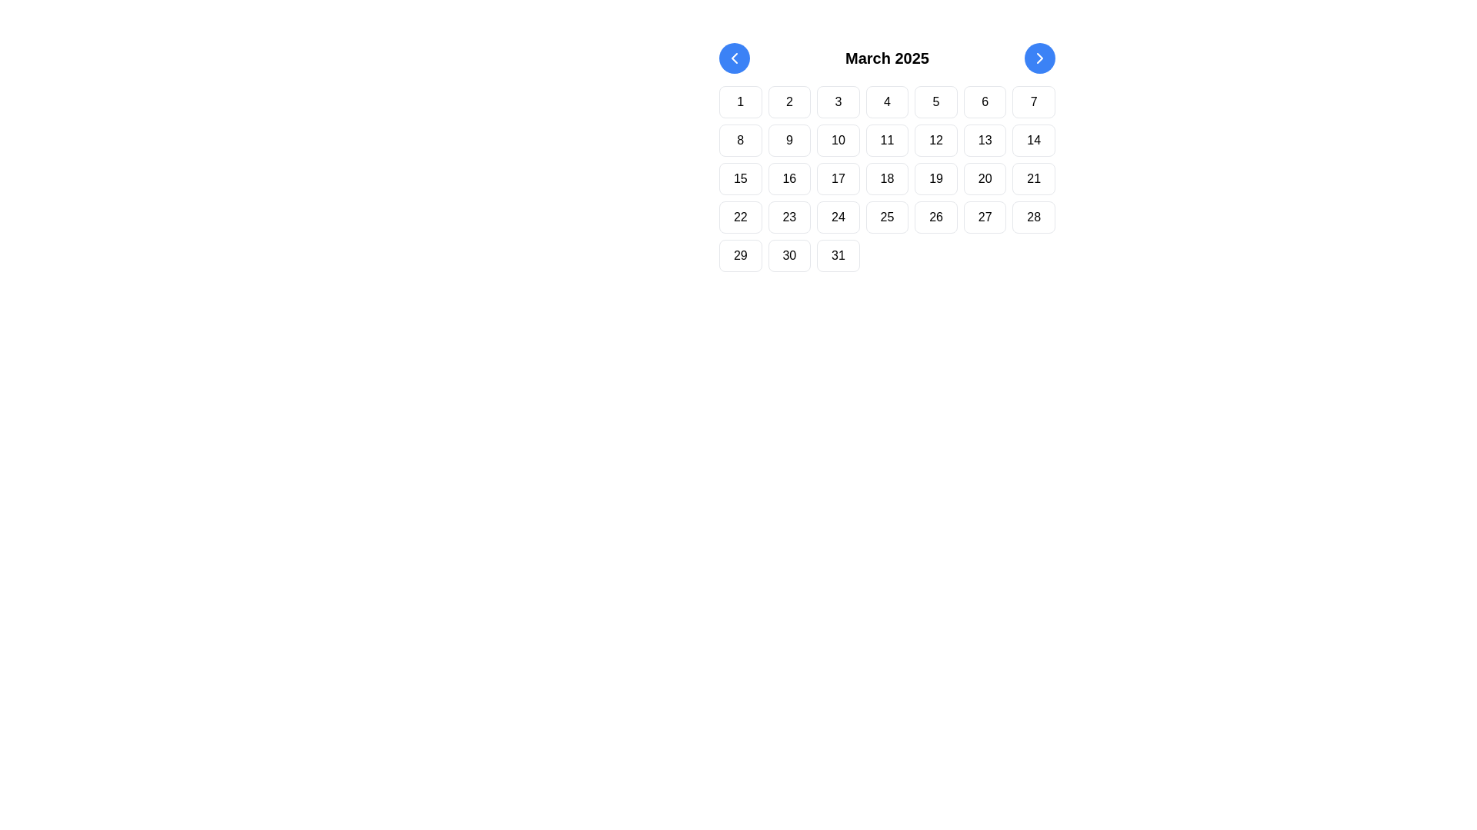 The width and height of the screenshot is (1477, 830). What do you see at coordinates (740, 101) in the screenshot?
I see `the Text cell displaying the number '1' in the calendar grid layout, which is located at the first position in the first row` at bounding box center [740, 101].